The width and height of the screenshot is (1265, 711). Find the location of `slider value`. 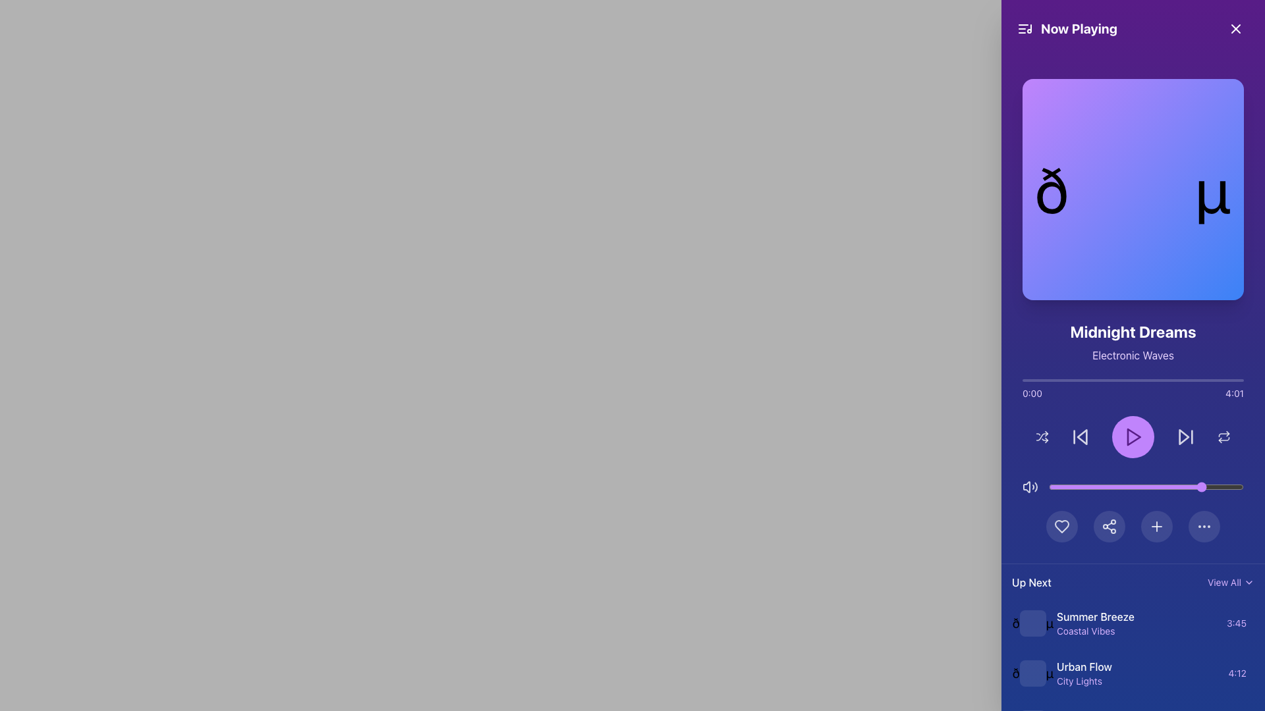

slider value is located at coordinates (1200, 487).